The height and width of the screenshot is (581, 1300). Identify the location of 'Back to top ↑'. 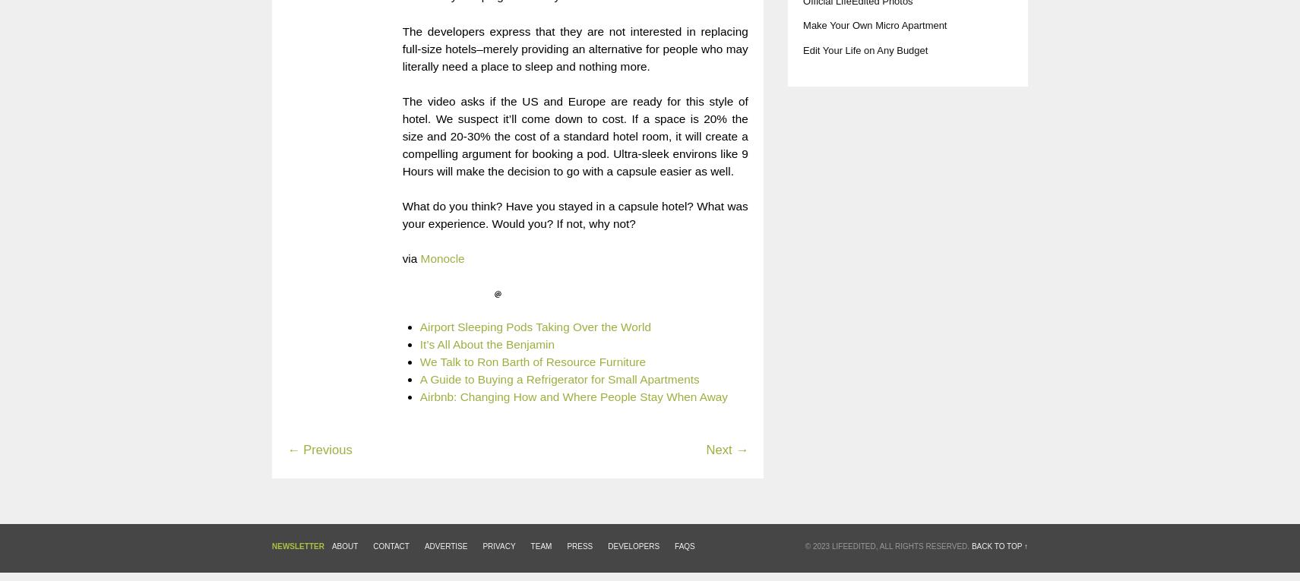
(998, 545).